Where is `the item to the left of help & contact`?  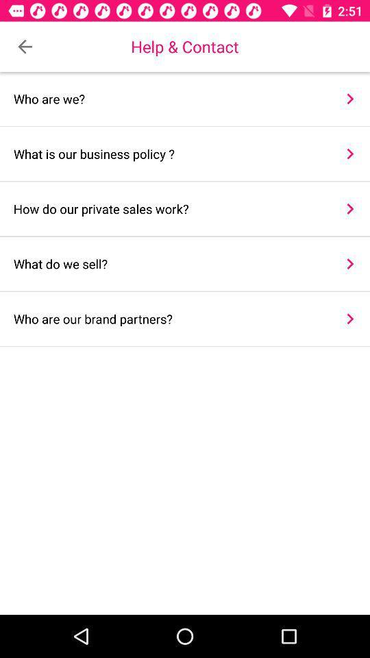 the item to the left of help & contact is located at coordinates (25, 47).